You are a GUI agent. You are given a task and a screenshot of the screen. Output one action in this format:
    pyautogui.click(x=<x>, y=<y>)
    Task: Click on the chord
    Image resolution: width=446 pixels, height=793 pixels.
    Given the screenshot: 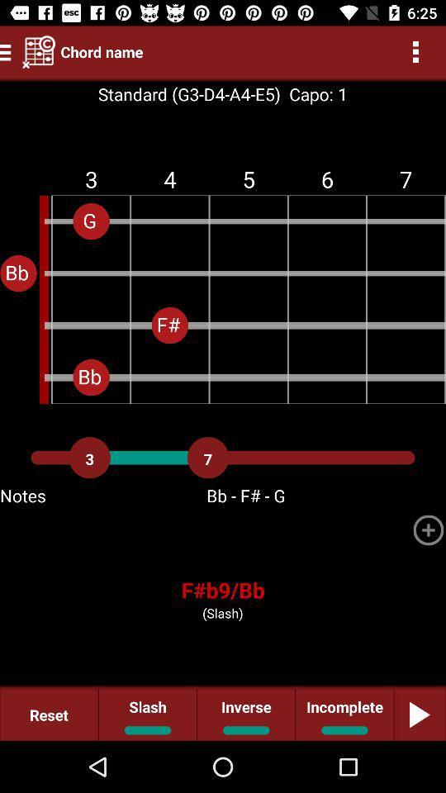 What is the action you would take?
    pyautogui.click(x=428, y=529)
    